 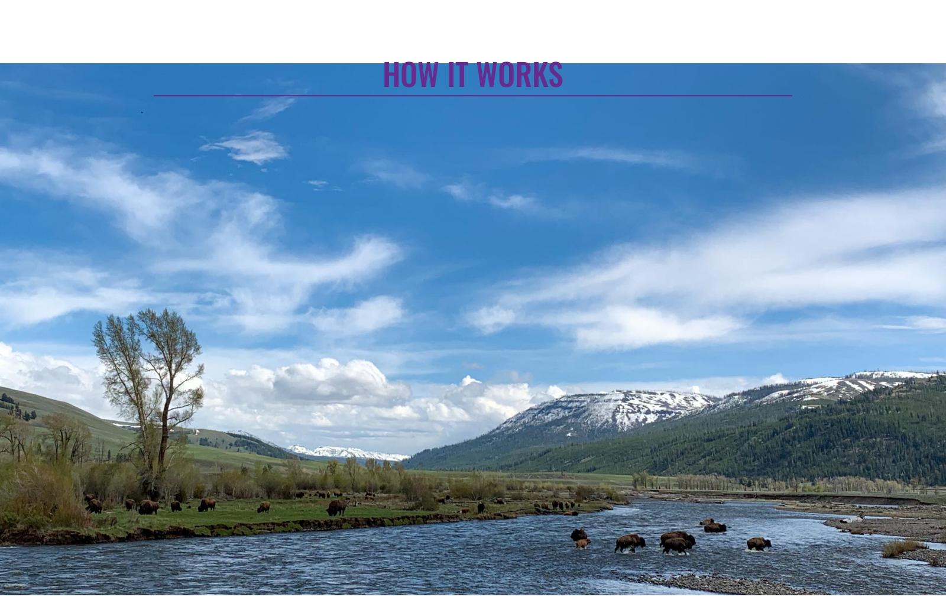 I want to click on 'If you have paid the BZN Concession fee, you may return the vehicle  to Explore Rental’s designated parking spots #46-49, in the outdoor rental car return lot. If you did not pay the BZN Concession Fee, you need to return the vehicle to our office in order to avoid additional charges. Your CC on file will be billed the balance due. All rental gear items need to be returned to the office.', so click(x=728, y=293).